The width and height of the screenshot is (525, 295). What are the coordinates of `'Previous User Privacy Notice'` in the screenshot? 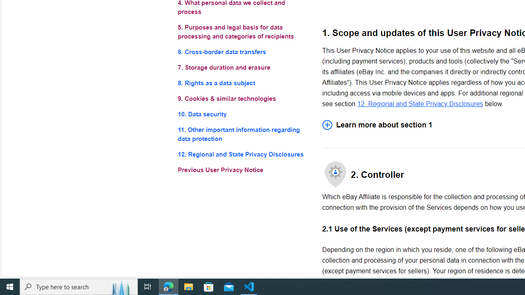 It's located at (243, 170).